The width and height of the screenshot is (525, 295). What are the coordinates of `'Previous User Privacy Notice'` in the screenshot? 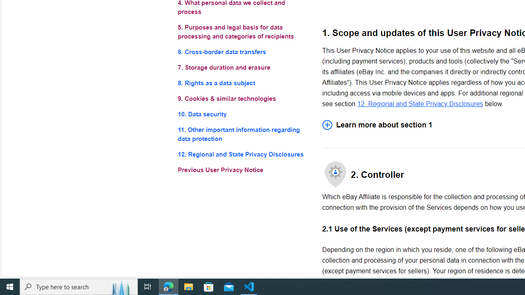 It's located at (243, 170).